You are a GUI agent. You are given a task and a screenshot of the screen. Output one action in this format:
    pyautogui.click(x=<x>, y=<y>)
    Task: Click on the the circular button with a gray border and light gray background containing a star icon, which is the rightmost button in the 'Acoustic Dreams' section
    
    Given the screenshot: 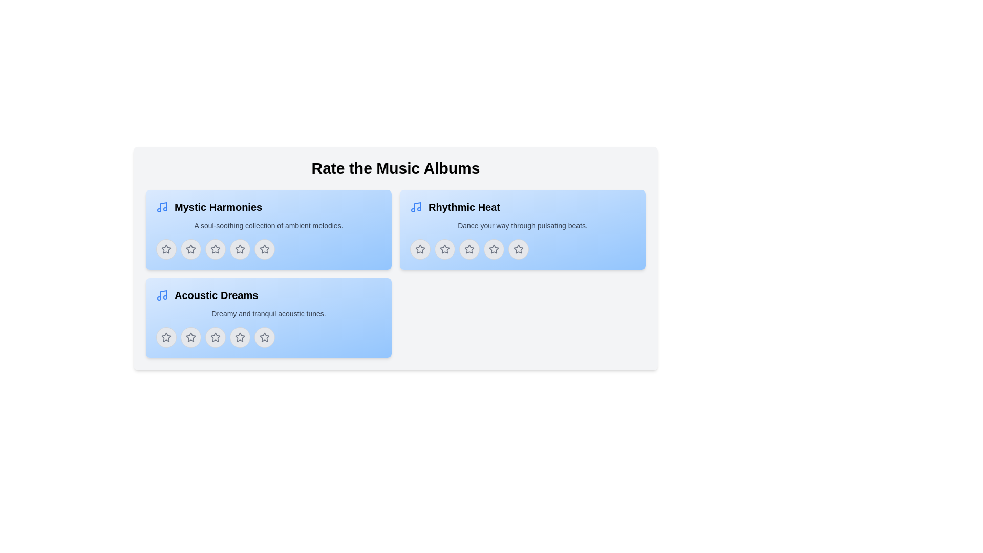 What is the action you would take?
    pyautogui.click(x=265, y=337)
    